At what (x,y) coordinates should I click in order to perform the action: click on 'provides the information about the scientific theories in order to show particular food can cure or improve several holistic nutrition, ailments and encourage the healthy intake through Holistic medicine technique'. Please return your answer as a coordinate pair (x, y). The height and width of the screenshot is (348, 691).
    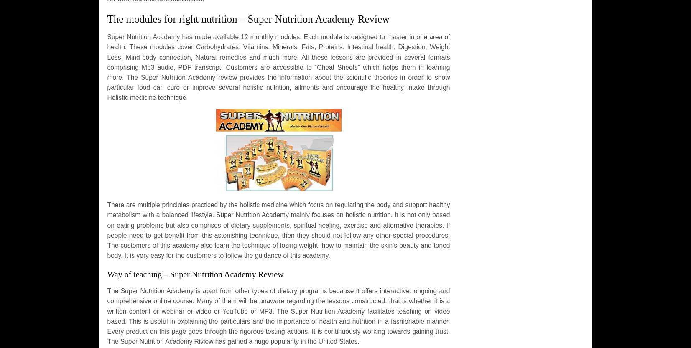
    Looking at the image, I should click on (278, 86).